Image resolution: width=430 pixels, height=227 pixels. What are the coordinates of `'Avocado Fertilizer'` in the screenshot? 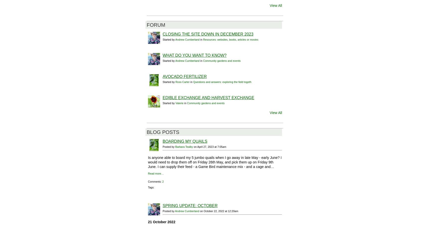 It's located at (162, 76).